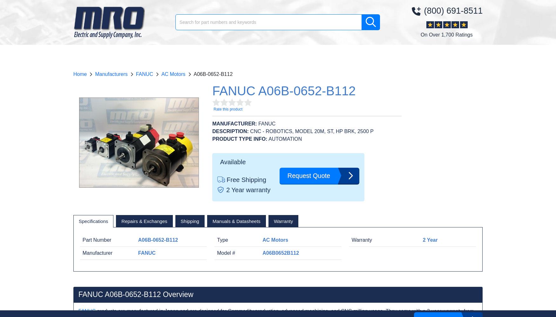  What do you see at coordinates (329, 302) in the screenshot?
I see `'A06B-0652-B005#7000'` at bounding box center [329, 302].